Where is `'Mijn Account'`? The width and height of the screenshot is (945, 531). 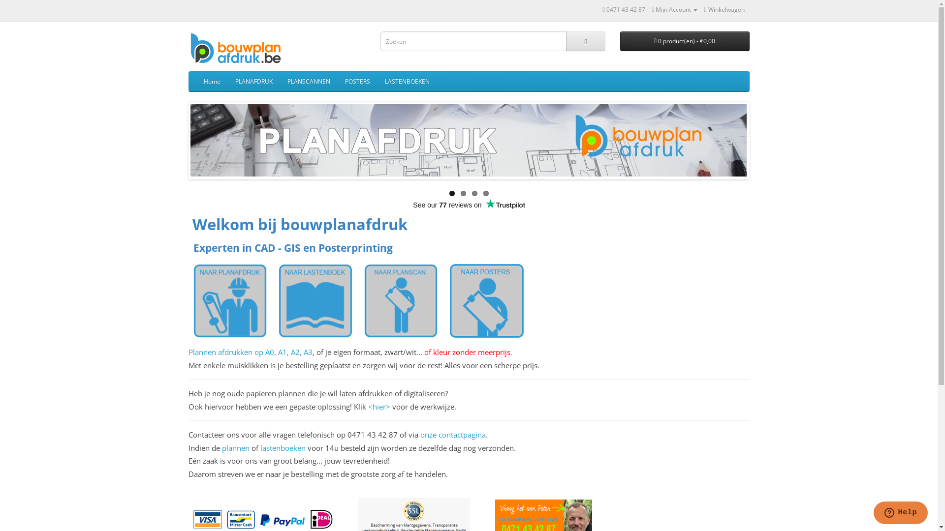 'Mijn Account' is located at coordinates (674, 9).